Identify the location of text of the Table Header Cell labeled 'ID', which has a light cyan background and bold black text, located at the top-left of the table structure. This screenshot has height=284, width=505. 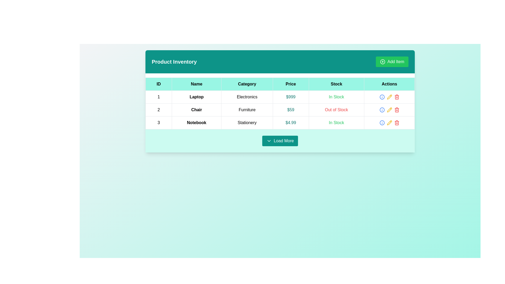
(158, 84).